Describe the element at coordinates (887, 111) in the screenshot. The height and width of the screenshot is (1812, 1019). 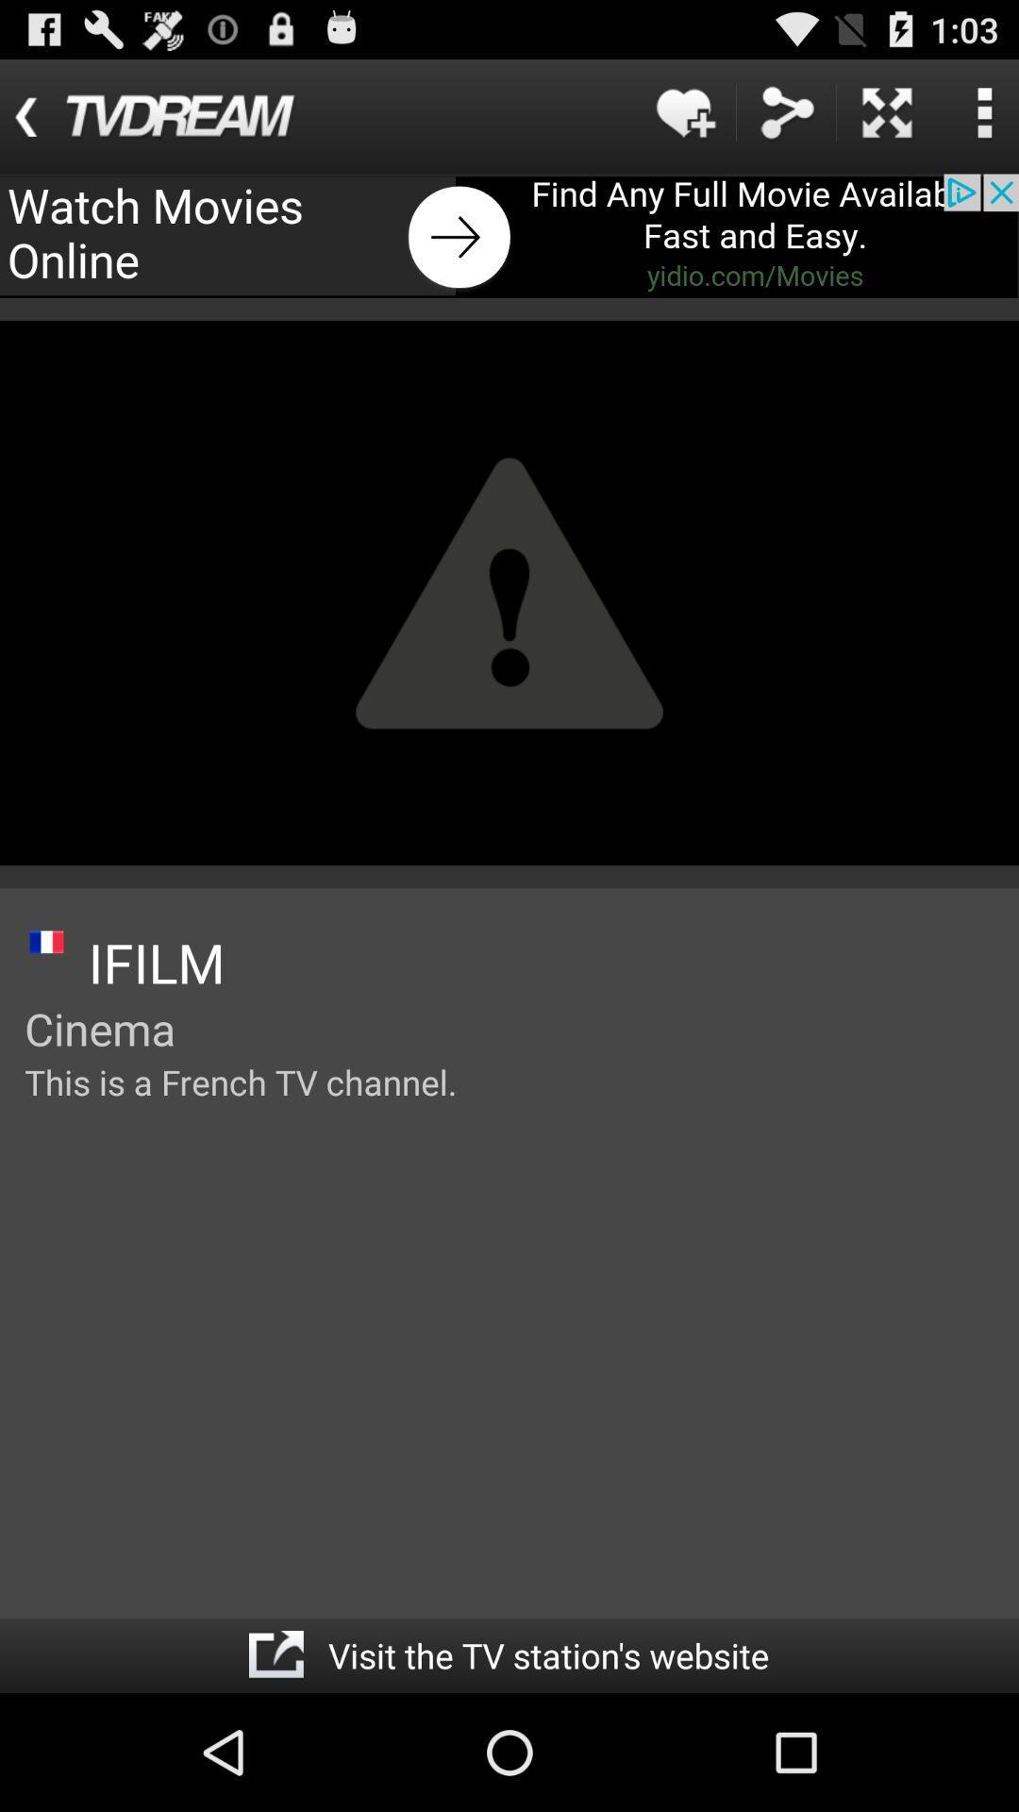
I see `expand page` at that location.